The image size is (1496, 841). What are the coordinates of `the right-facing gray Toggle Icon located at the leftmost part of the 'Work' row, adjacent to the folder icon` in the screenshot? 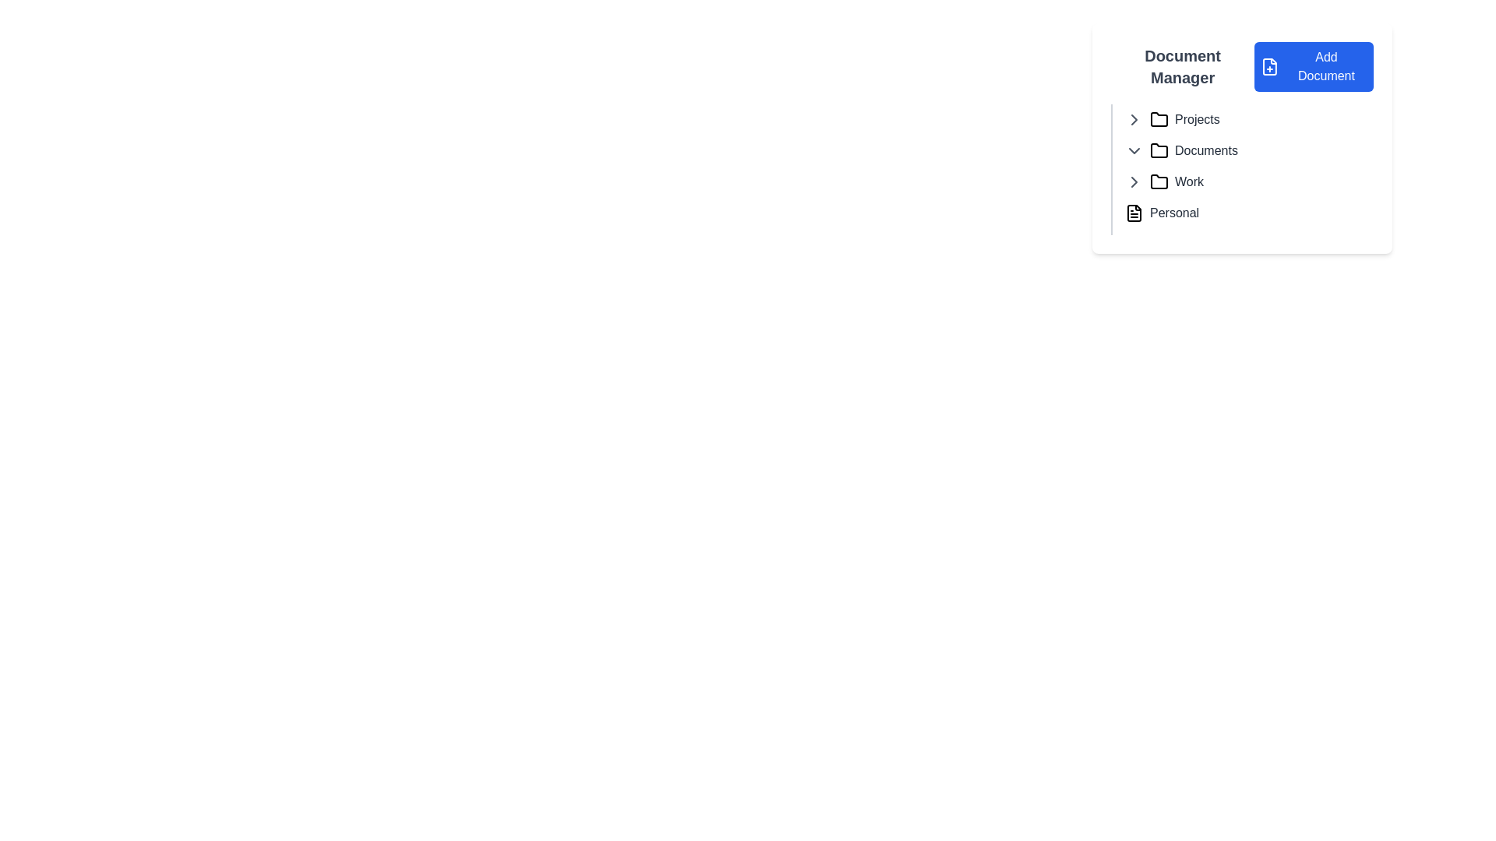 It's located at (1134, 181).